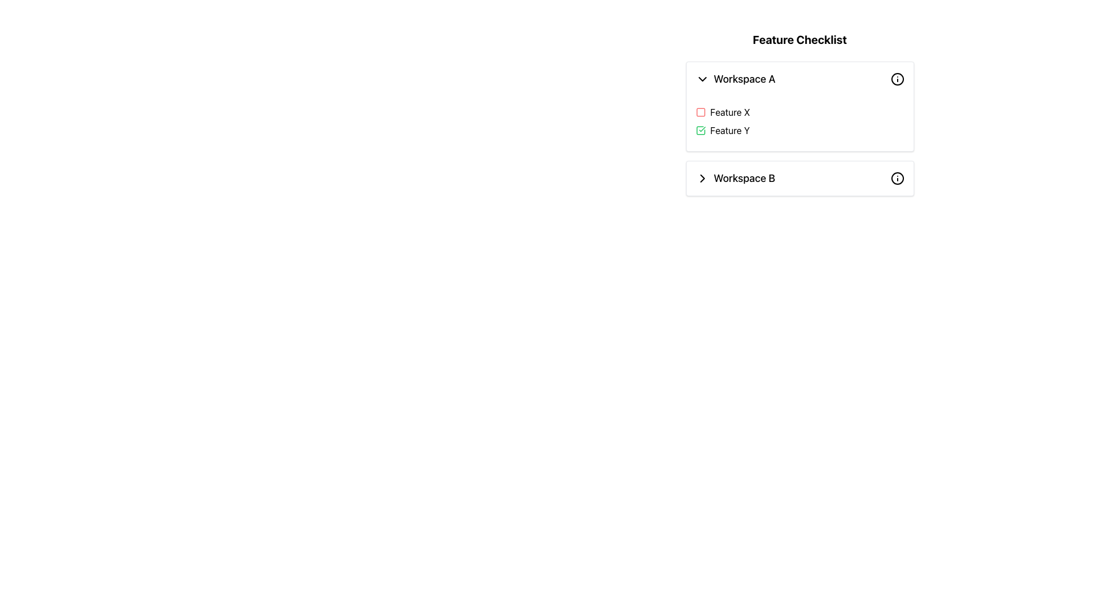 The width and height of the screenshot is (1095, 616). I want to click on the SVG circle element that serves as a visual indicator for 'Workspace A', so click(897, 178).